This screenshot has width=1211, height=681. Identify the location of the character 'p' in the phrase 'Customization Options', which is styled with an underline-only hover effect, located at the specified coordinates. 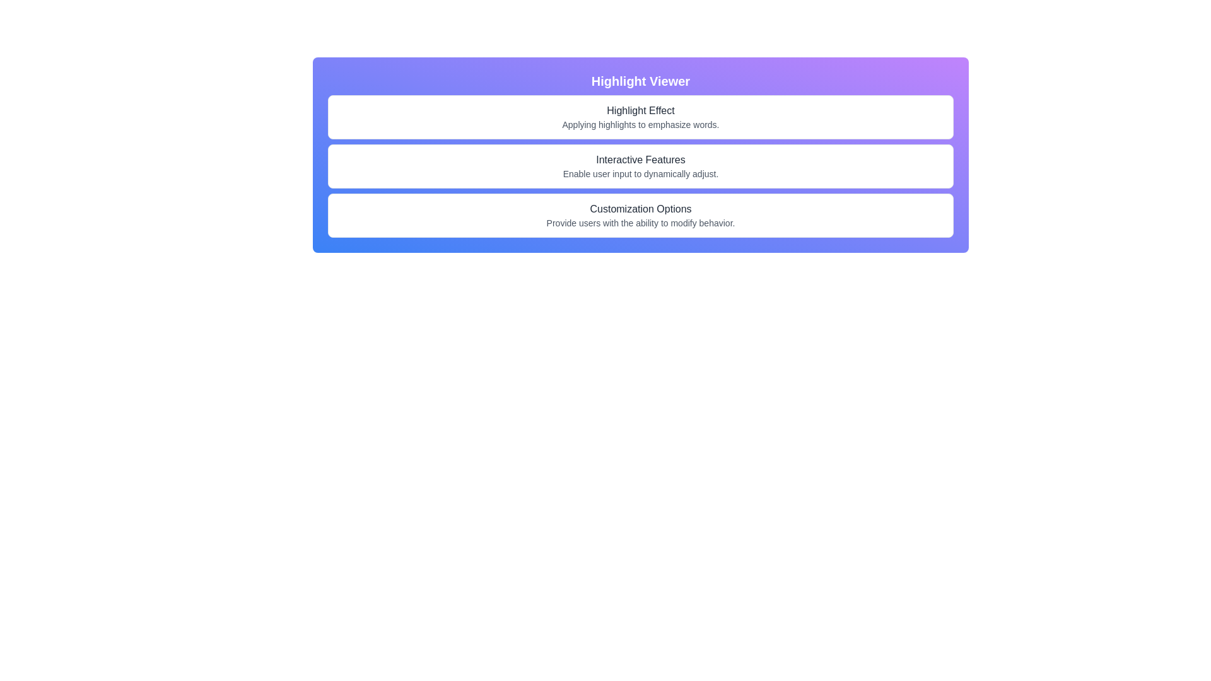
(667, 208).